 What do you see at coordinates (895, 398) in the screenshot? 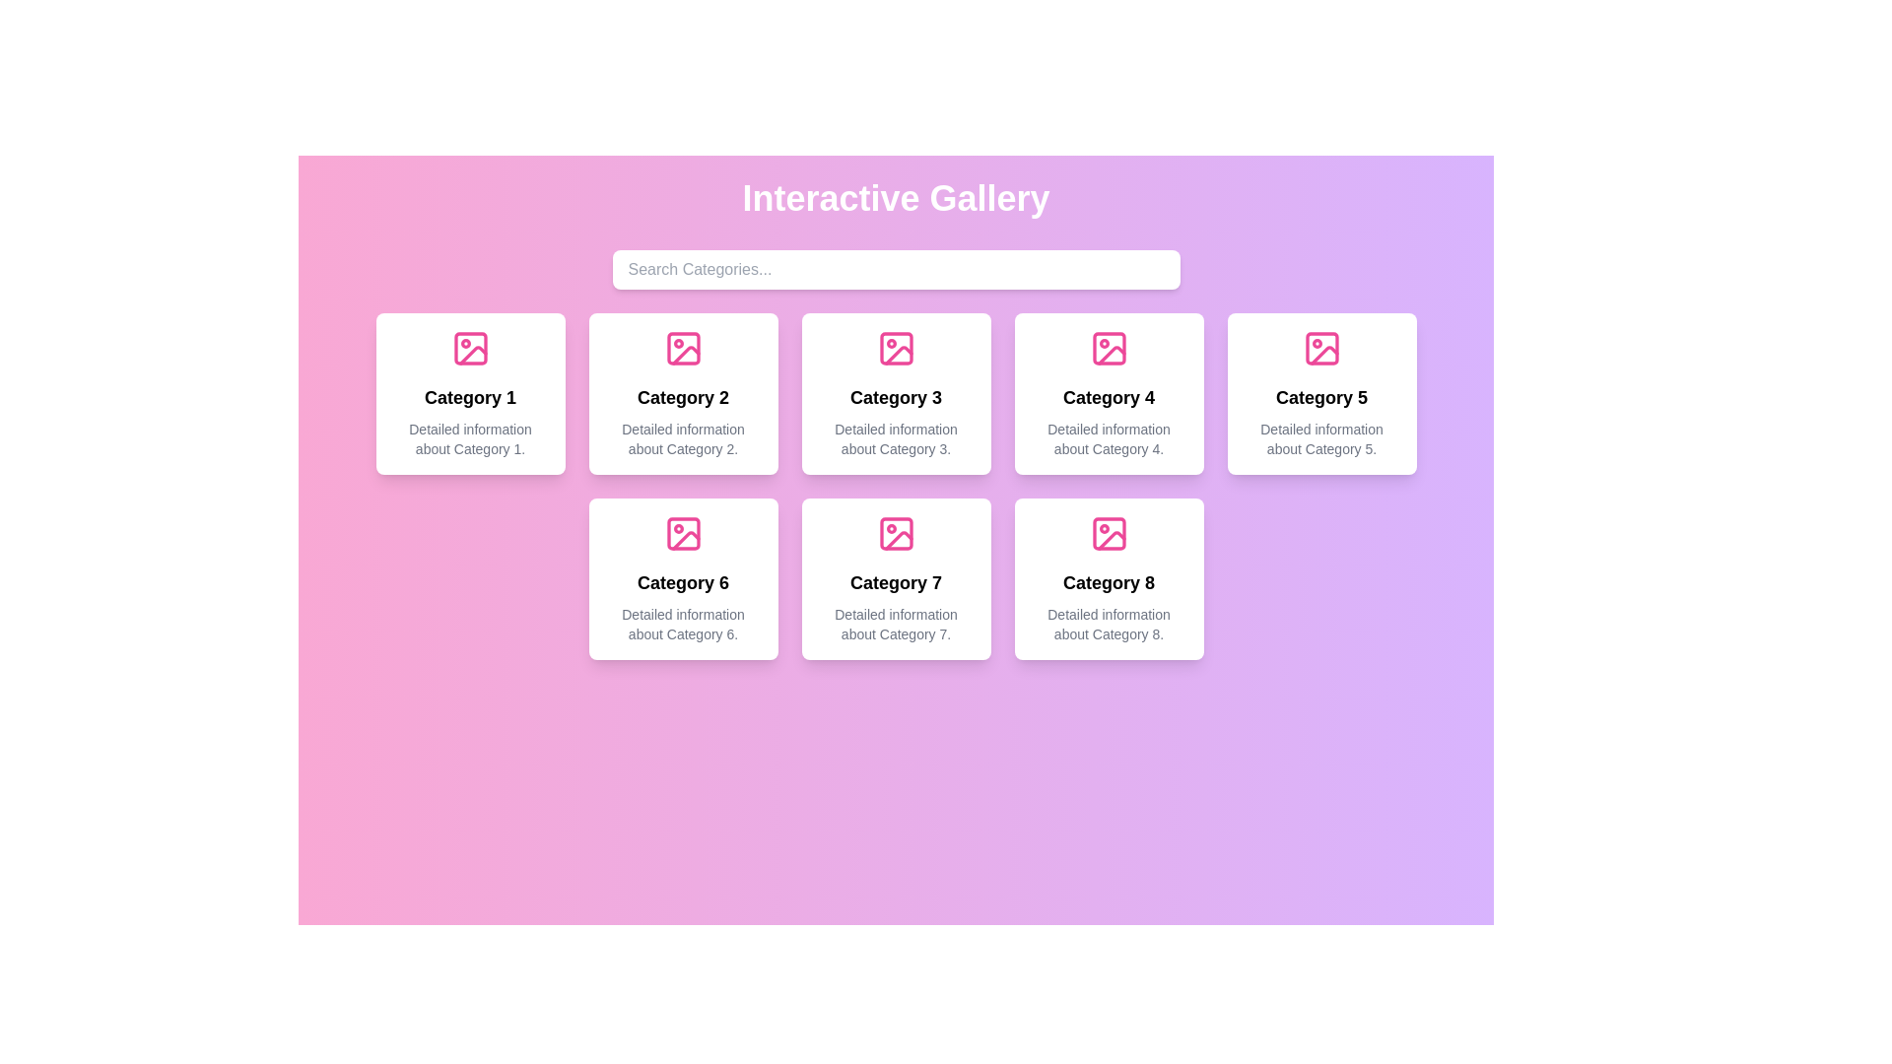
I see `text label that displays 'Category 3', which is centrally positioned in the third information card of the second row in a grid layout` at bounding box center [895, 398].